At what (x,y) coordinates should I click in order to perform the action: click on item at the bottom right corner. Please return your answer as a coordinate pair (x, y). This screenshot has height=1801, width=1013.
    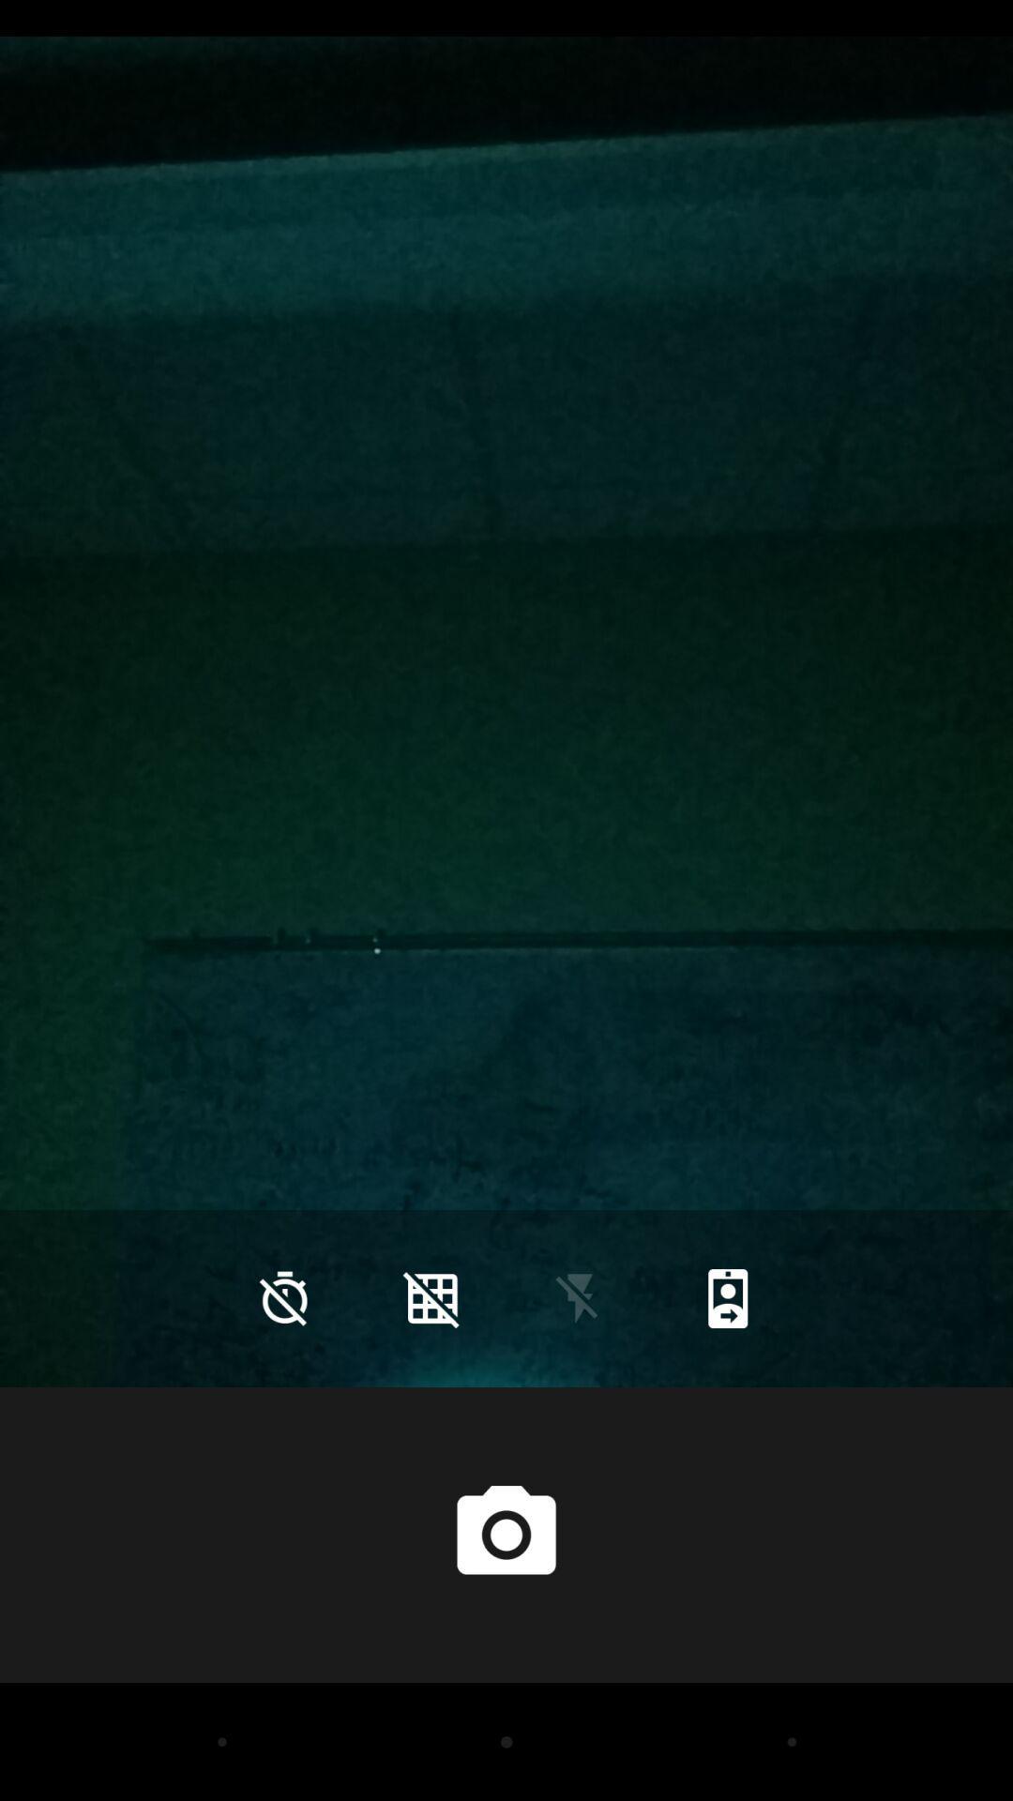
    Looking at the image, I should click on (727, 1297).